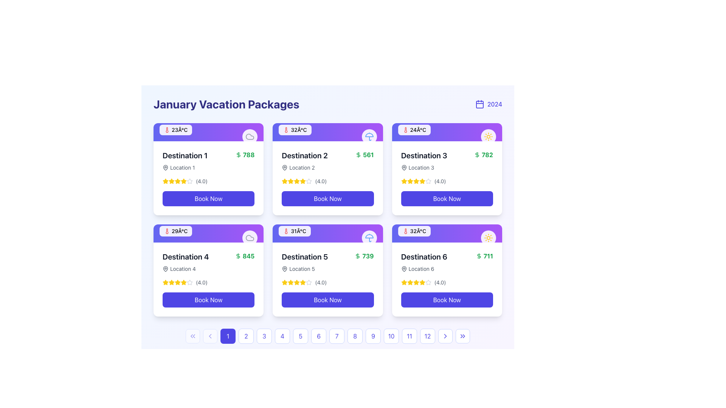 Image resolution: width=726 pixels, height=408 pixels. Describe the element at coordinates (296, 181) in the screenshot. I see `the third star icon in the rating section of the 'Destination 2' package` at that location.